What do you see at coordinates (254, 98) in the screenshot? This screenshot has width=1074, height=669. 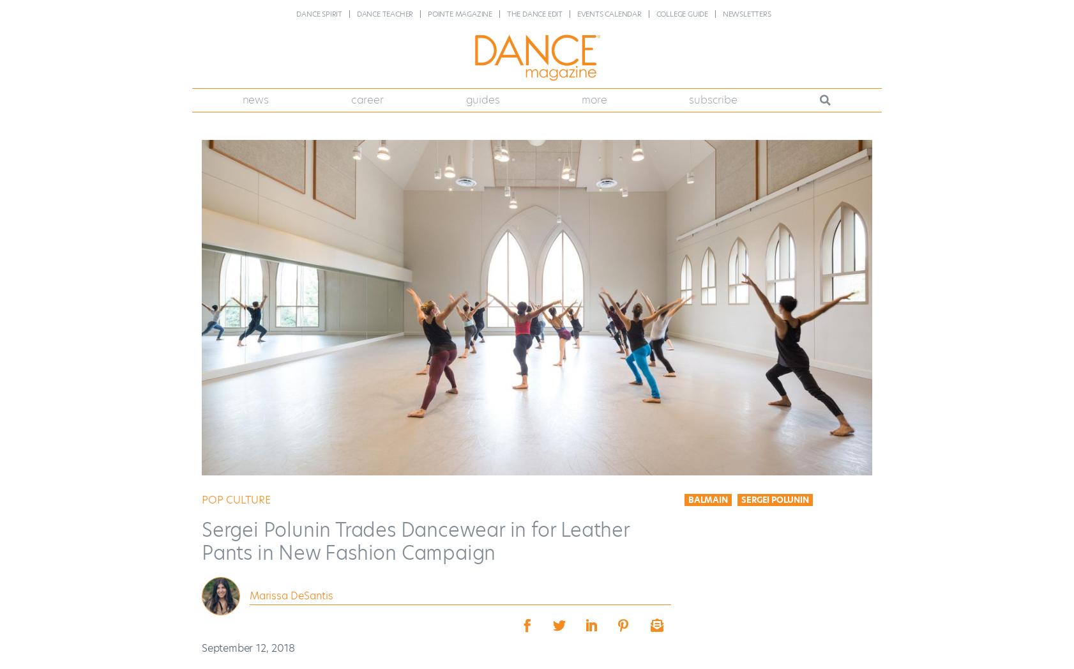 I see `'News'` at bounding box center [254, 98].